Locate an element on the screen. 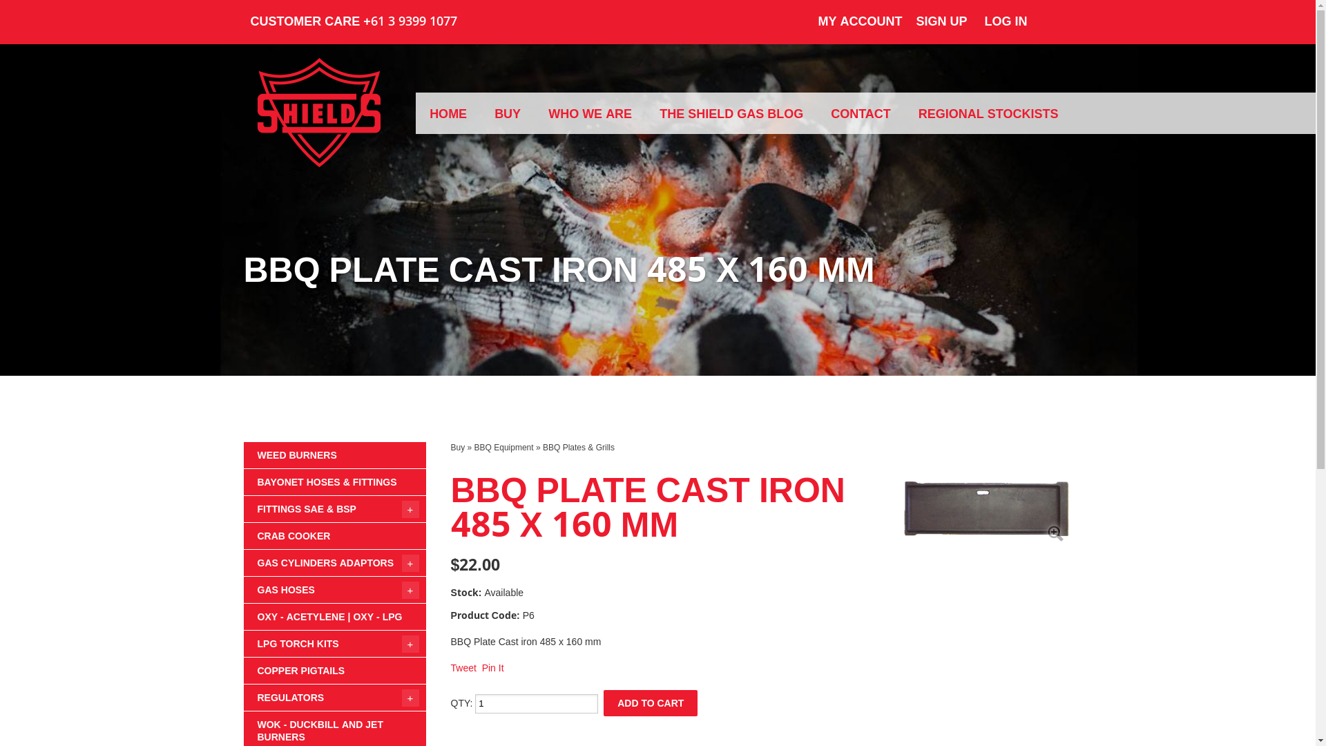 This screenshot has height=746, width=1326. 'LPG TORCH KITS' is located at coordinates (334, 644).